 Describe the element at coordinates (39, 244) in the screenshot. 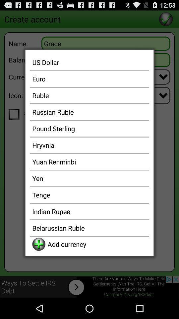

I see `the app to the left of the add currency` at that location.